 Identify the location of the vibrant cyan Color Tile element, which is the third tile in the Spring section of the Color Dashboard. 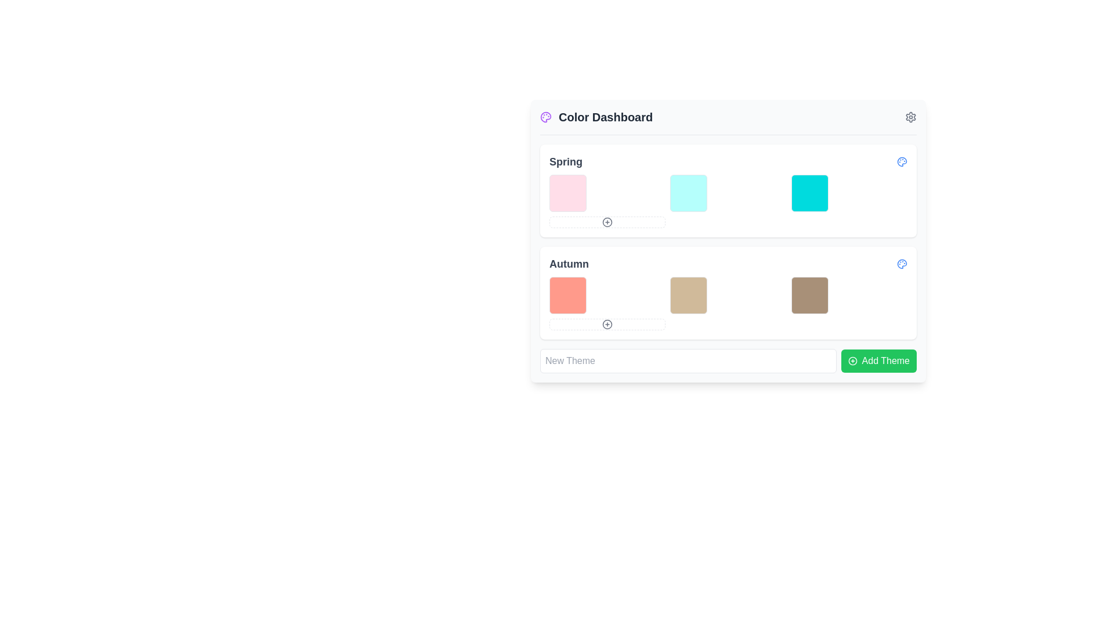
(809, 192).